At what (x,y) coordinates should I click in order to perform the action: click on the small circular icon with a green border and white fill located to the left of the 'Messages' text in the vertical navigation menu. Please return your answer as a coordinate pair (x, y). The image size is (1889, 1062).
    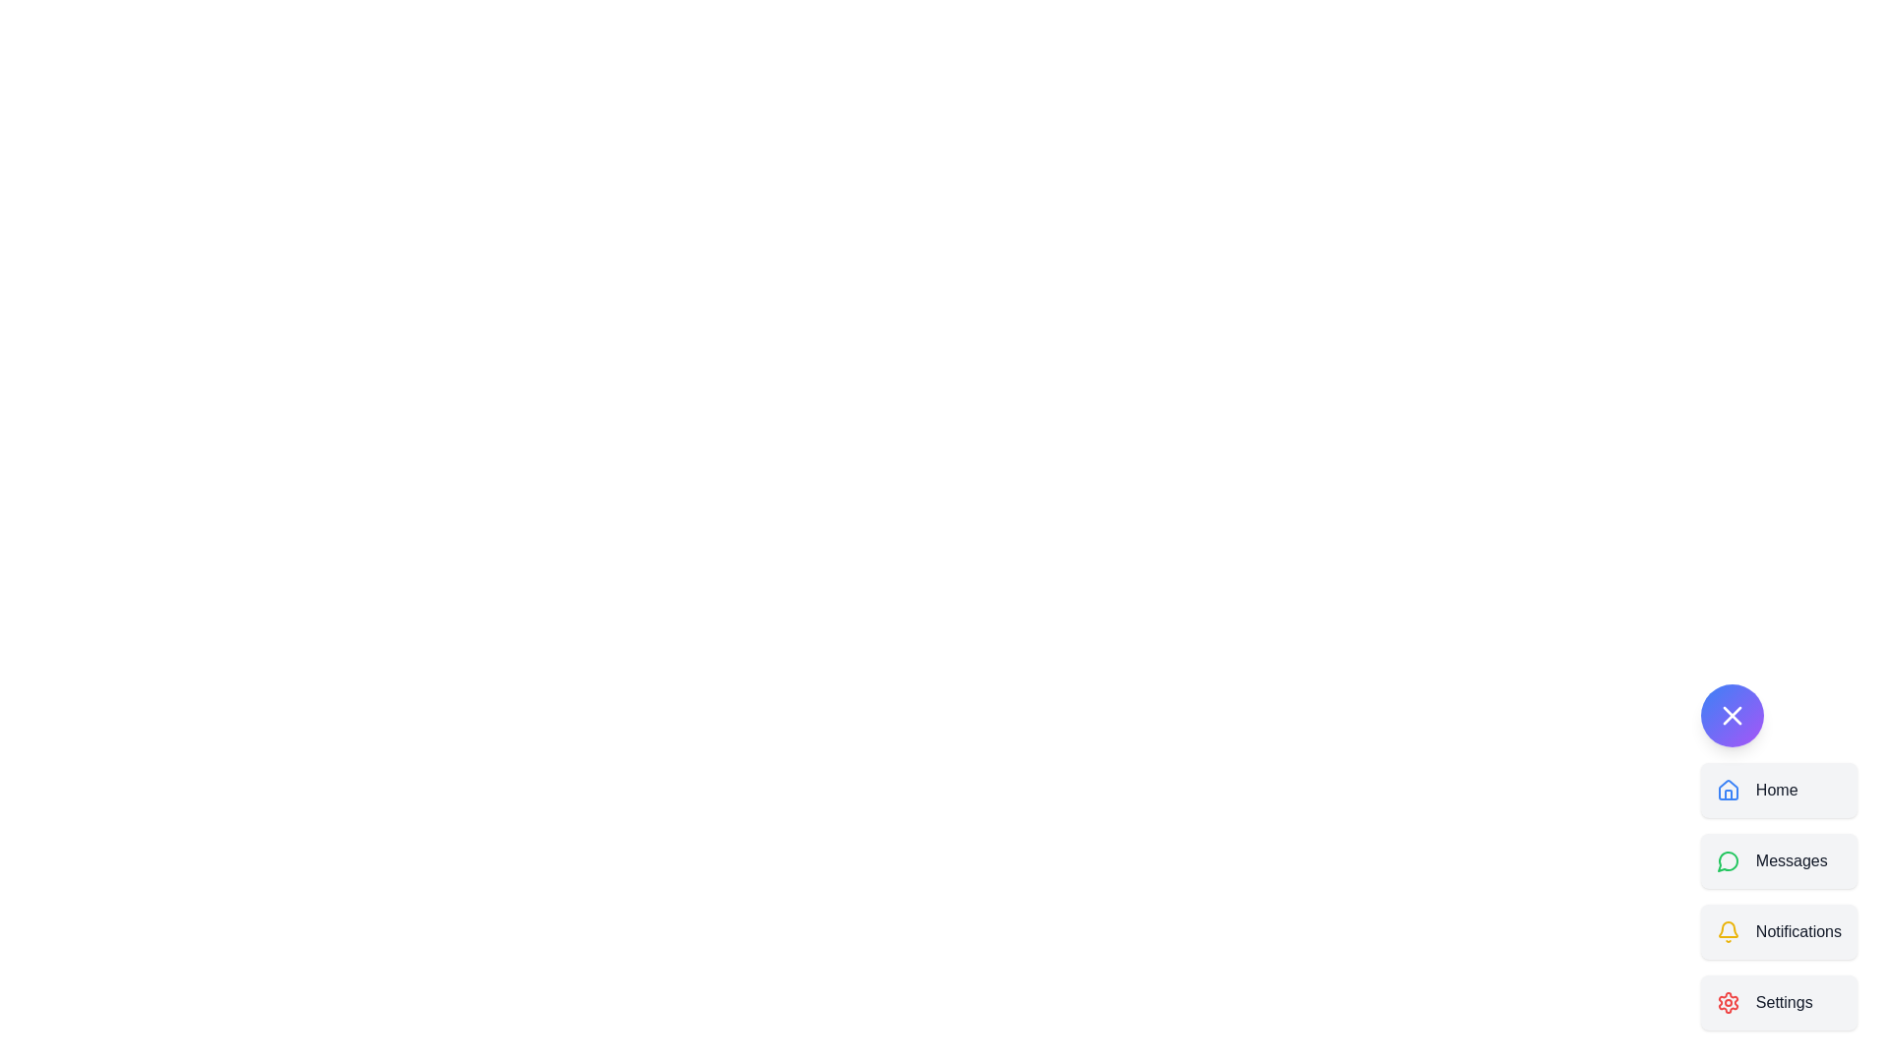
    Looking at the image, I should click on (1727, 859).